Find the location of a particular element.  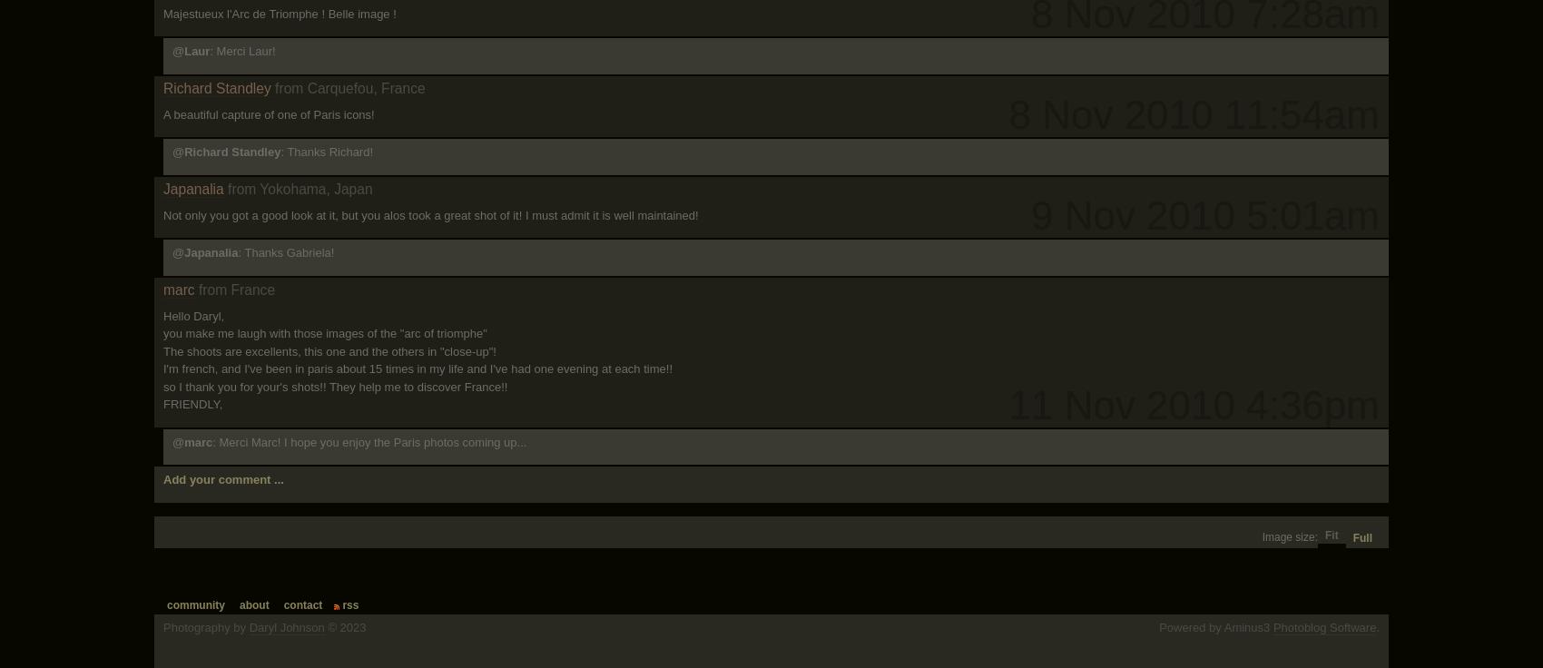

': Thanks Richard!' is located at coordinates (326, 152).